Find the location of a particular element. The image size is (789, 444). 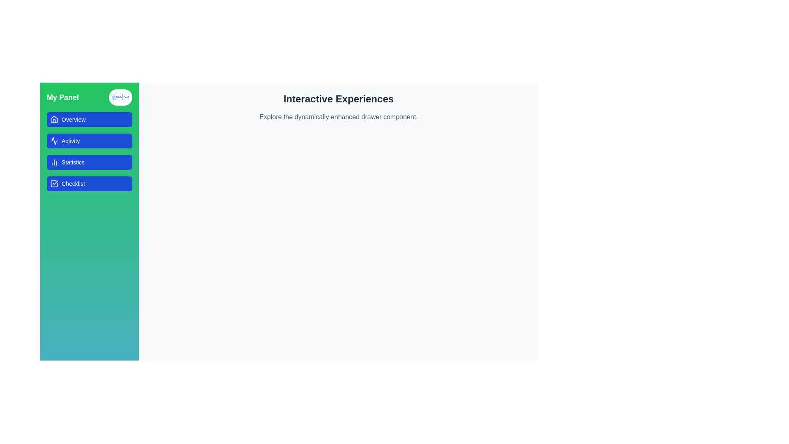

the waveform-like SVG Icon representing the 'Activity' navigation option in the sidebar menu is located at coordinates (54, 141).